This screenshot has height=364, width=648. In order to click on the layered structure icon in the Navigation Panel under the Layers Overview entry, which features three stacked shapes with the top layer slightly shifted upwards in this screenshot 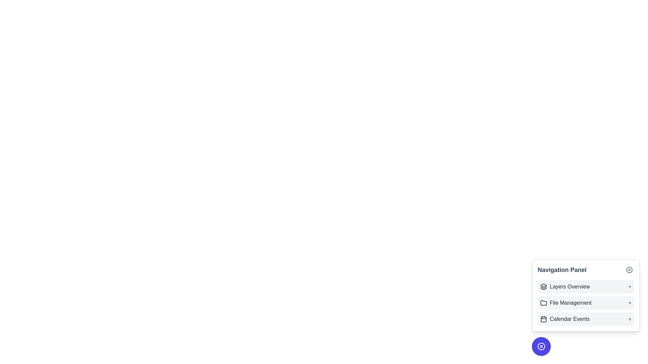, I will do `click(544, 288)`.